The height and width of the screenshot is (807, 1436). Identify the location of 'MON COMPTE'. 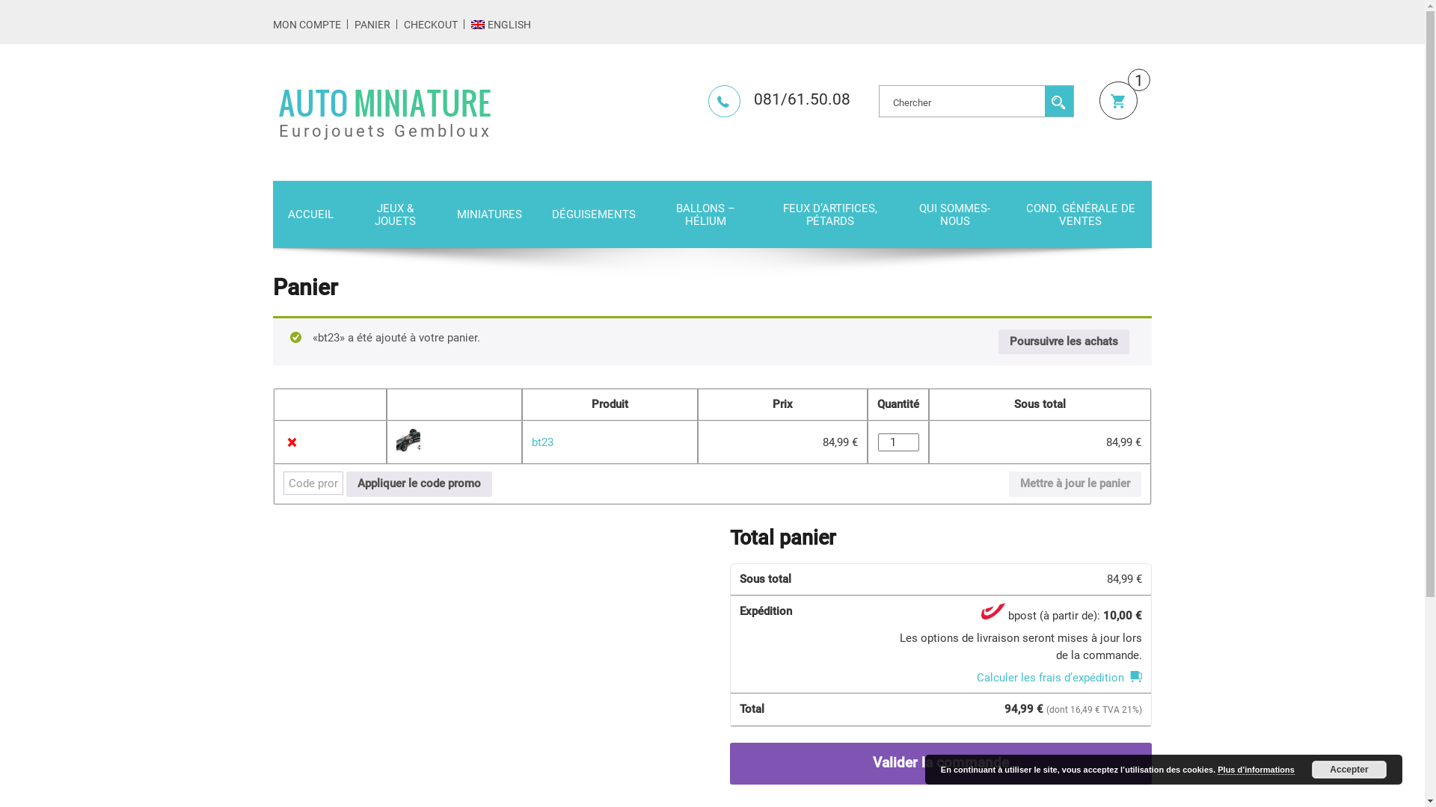
(272, 25).